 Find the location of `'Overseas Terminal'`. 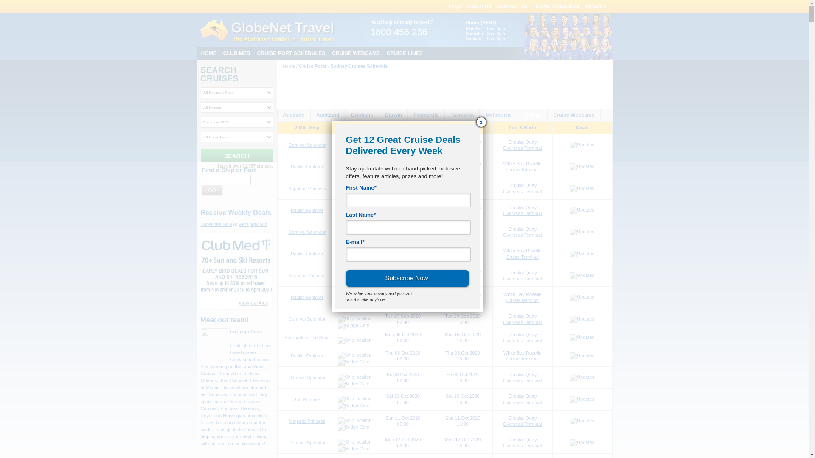

'Overseas Terminal' is located at coordinates (522, 340).